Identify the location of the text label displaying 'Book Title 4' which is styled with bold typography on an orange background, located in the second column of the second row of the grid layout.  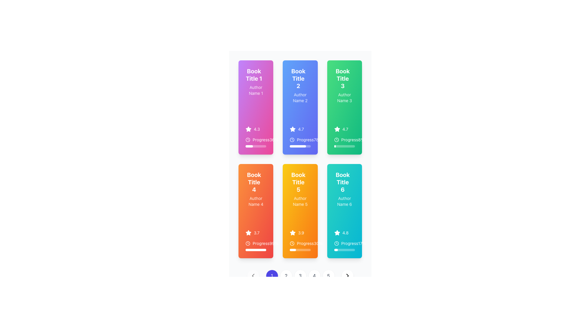
(256, 183).